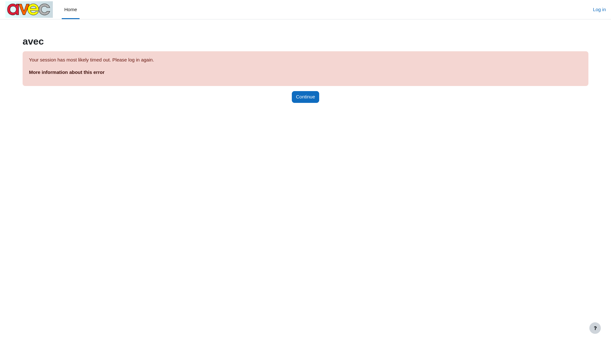 The image size is (611, 344). Describe the element at coordinates (67, 72) in the screenshot. I see `'More information about this error'` at that location.